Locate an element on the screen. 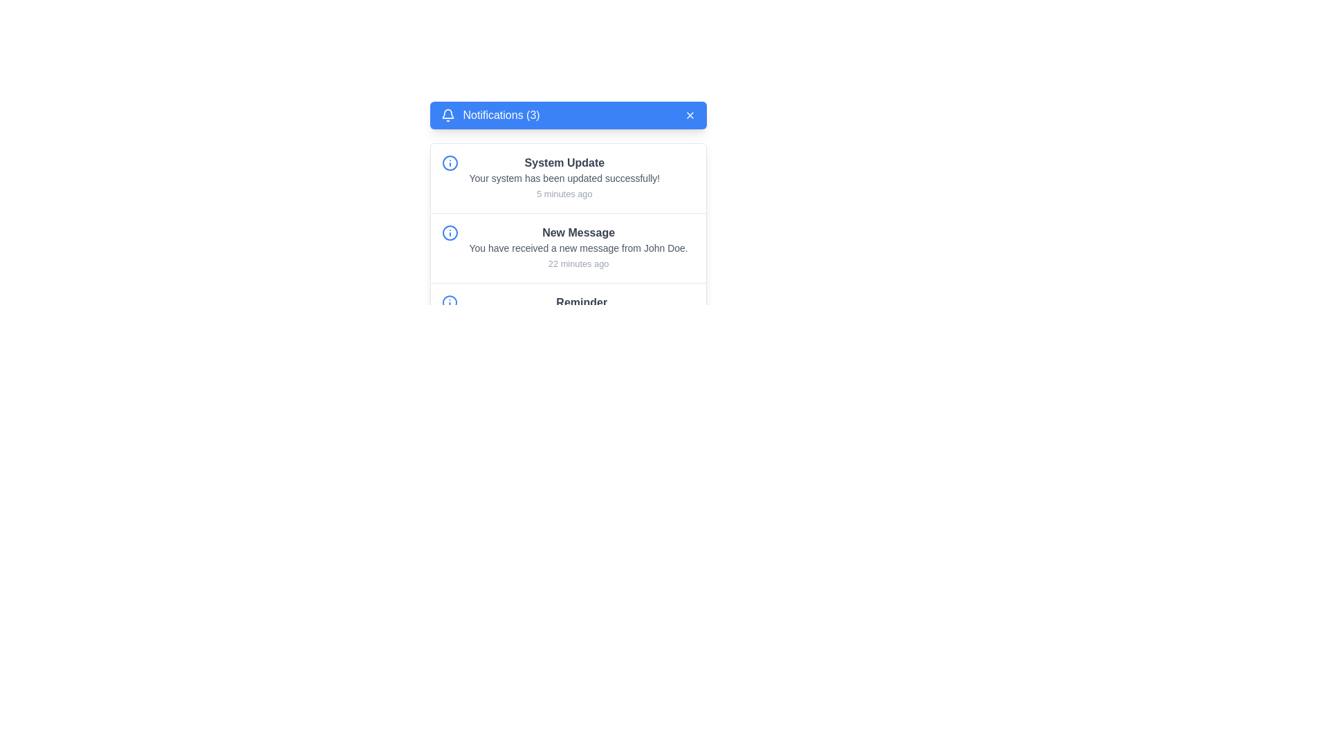  the small bell icon representing notifications, which is located in the top-left portion of the notification panel header, to the left of the 'Notifications (3)' text is located at coordinates (448, 114).